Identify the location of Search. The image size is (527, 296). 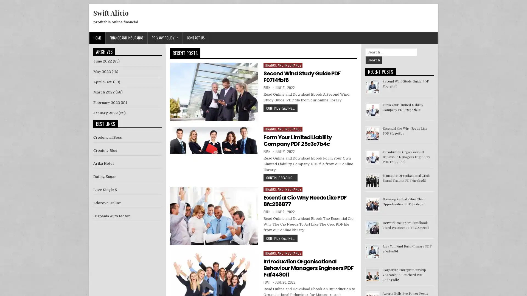
(373, 60).